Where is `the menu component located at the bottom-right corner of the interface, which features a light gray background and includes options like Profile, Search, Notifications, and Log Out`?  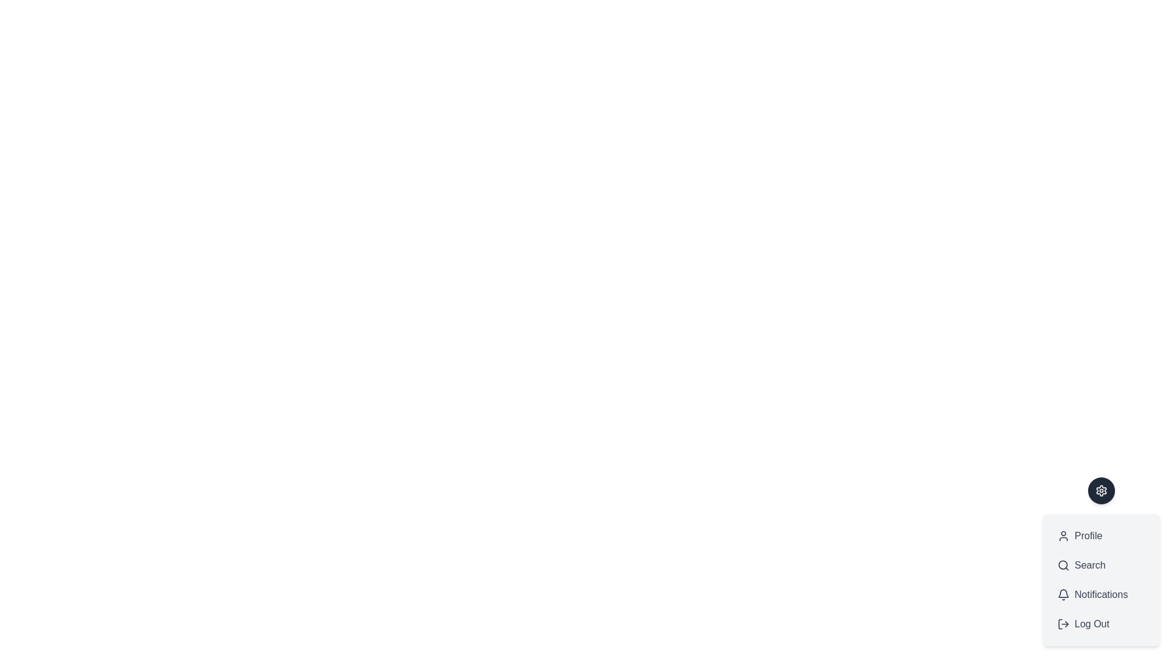 the menu component located at the bottom-right corner of the interface, which features a light gray background and includes options like Profile, Search, Notifications, and Log Out is located at coordinates (1102, 580).